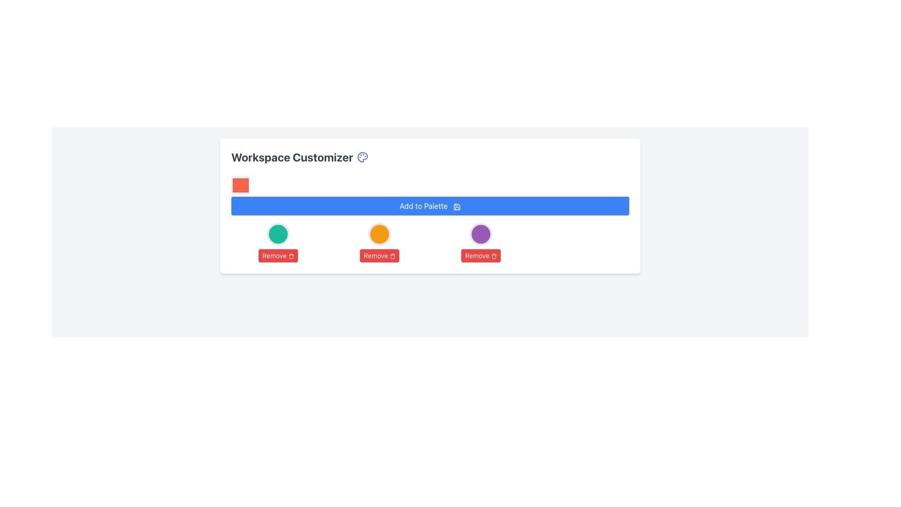 Image resolution: width=901 pixels, height=507 pixels. I want to click on the third circular visual marker with a rich purple fill color and a white border, which is aligned to the right of its neighboring elements, so click(481, 233).